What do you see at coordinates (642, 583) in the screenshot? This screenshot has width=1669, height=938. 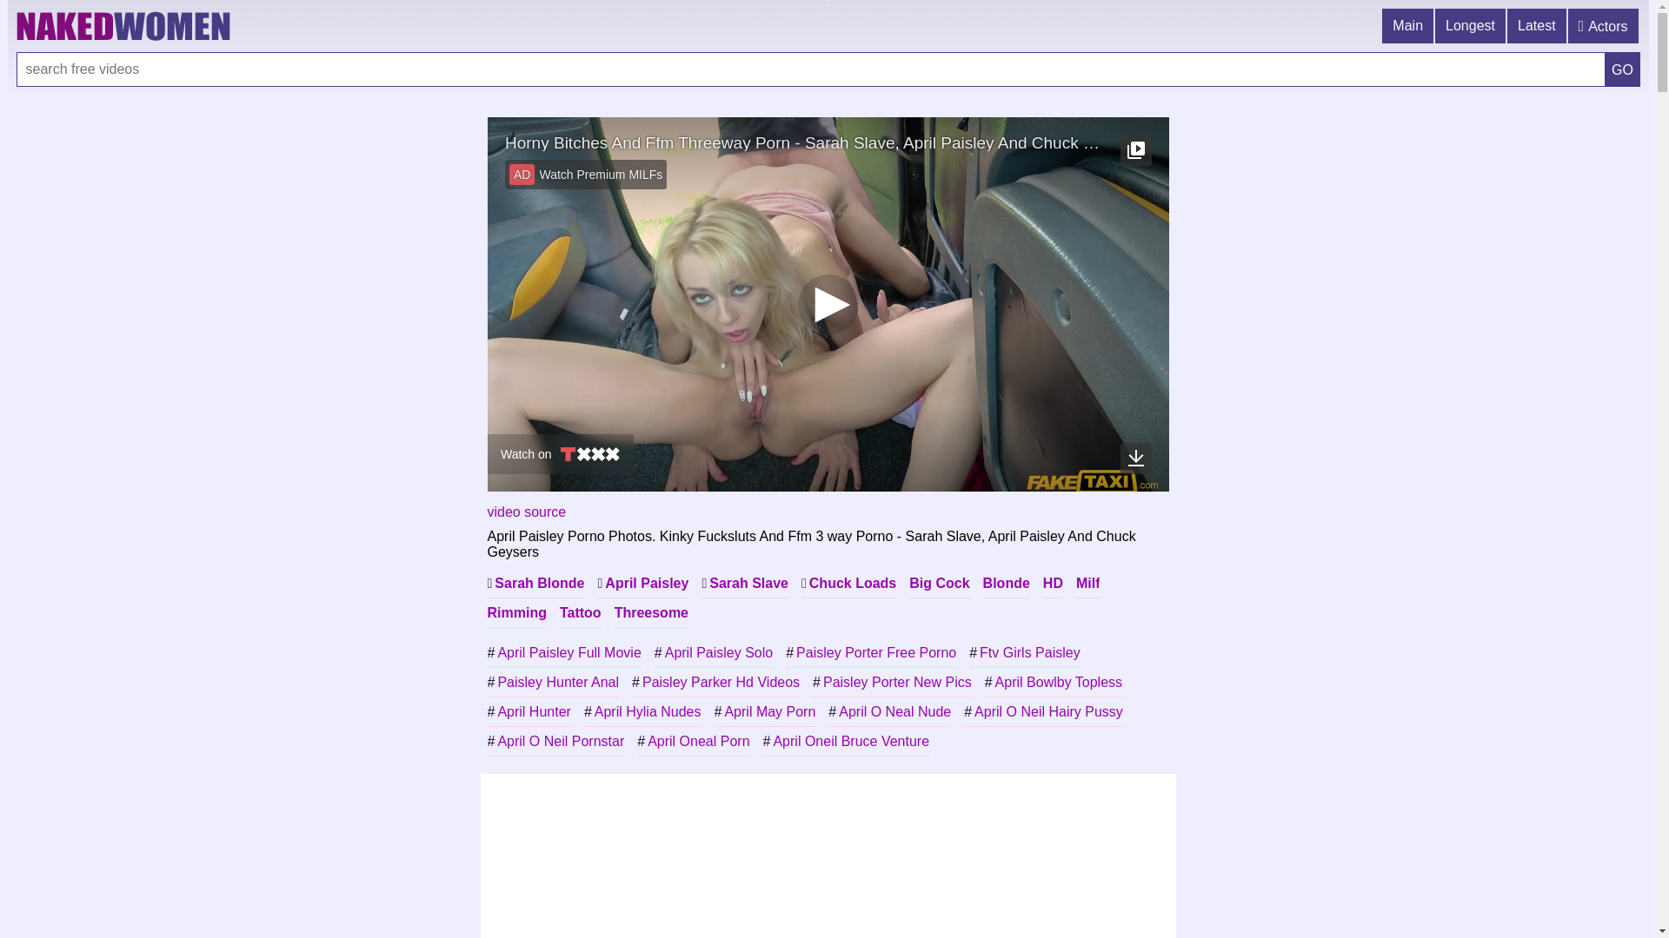 I see `'April Paisley'` at bounding box center [642, 583].